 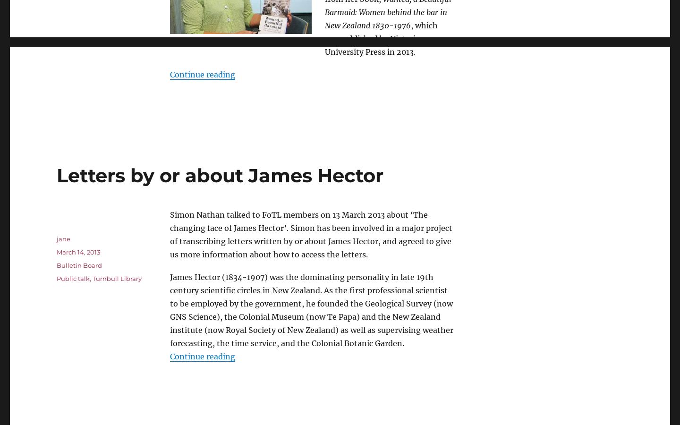 What do you see at coordinates (381, 38) in the screenshot?
I see `', which was published by Victoria University Press in 2013.'` at bounding box center [381, 38].